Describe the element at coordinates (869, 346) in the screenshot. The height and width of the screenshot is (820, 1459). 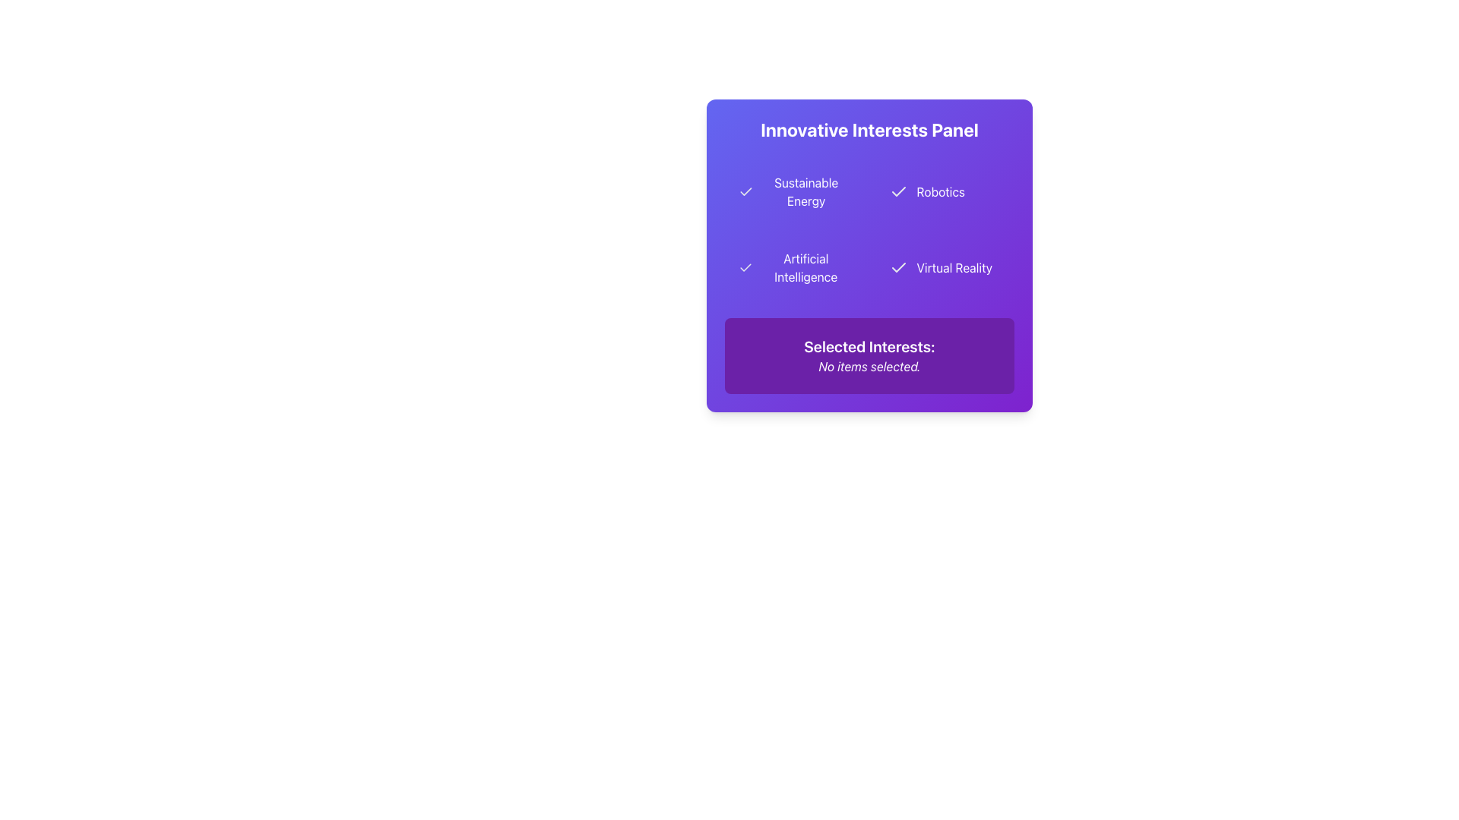
I see `the text label that serves as a header above the text 'No items selected' in the bottom section of a purple rectangular box` at that location.